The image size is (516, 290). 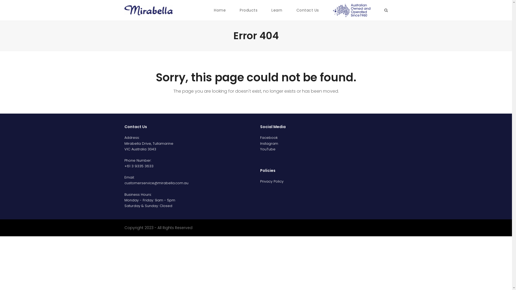 What do you see at coordinates (277, 10) in the screenshot?
I see `'Learn'` at bounding box center [277, 10].